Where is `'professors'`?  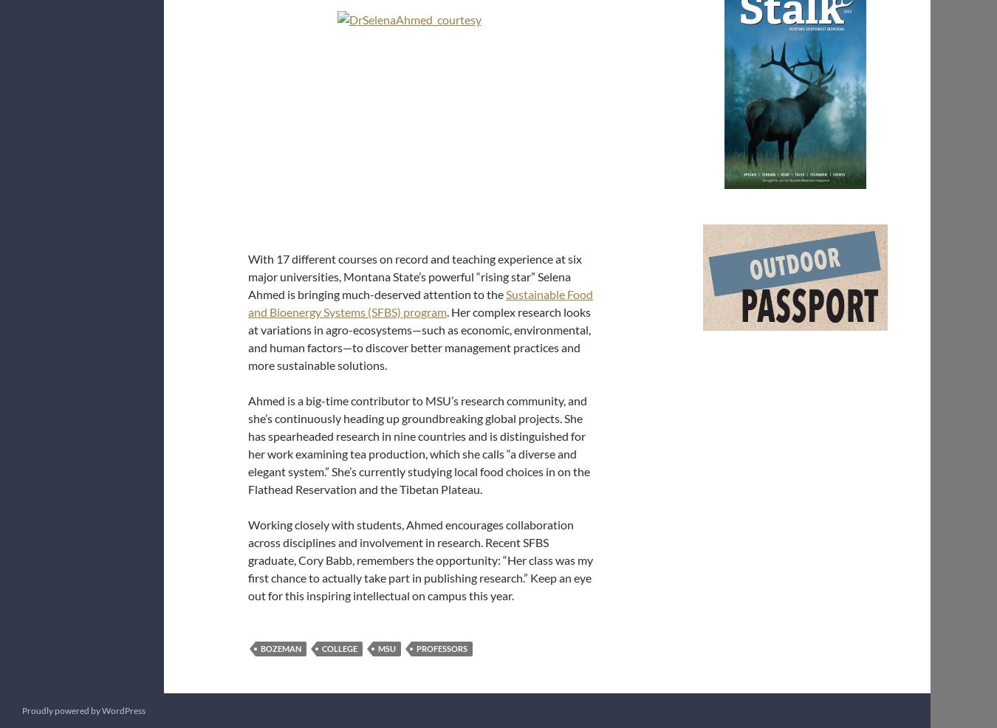 'professors' is located at coordinates (442, 648).